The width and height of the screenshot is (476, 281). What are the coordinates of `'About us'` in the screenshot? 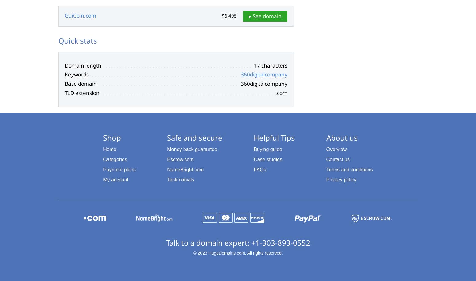 It's located at (341, 138).